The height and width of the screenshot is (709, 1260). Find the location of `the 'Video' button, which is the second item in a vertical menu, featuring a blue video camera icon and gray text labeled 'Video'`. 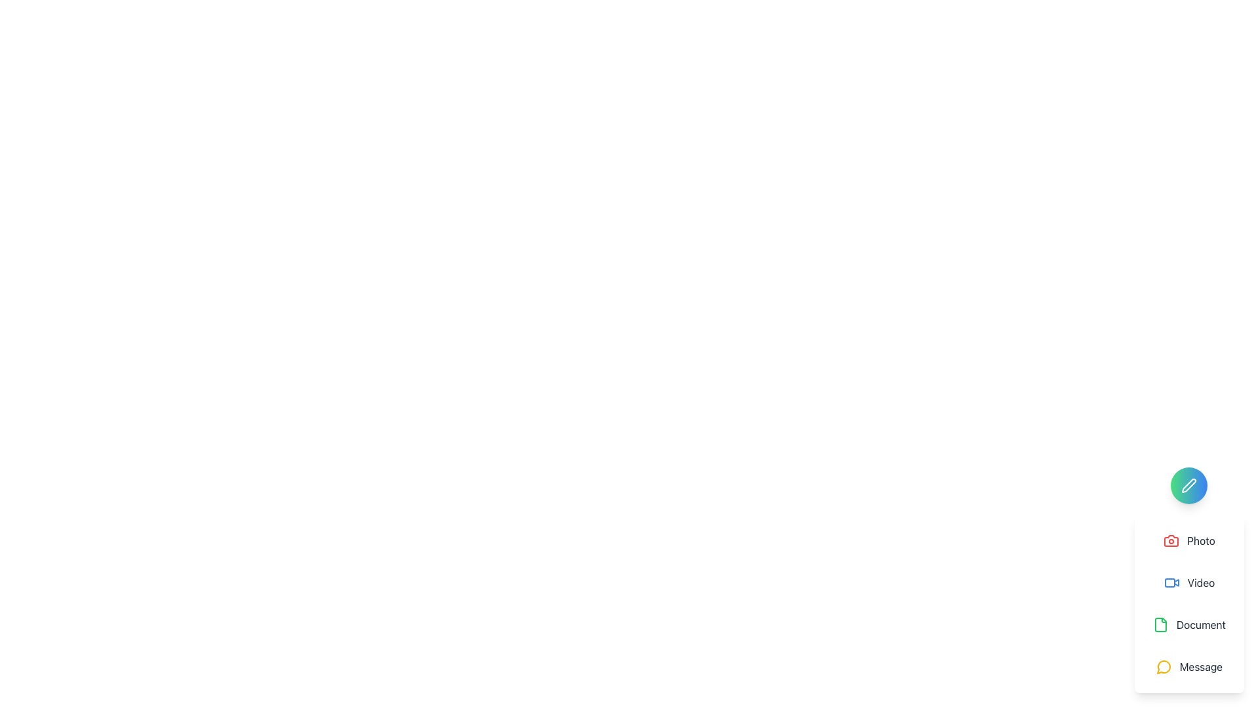

the 'Video' button, which is the second item in a vertical menu, featuring a blue video camera icon and gray text labeled 'Video' is located at coordinates (1189, 582).